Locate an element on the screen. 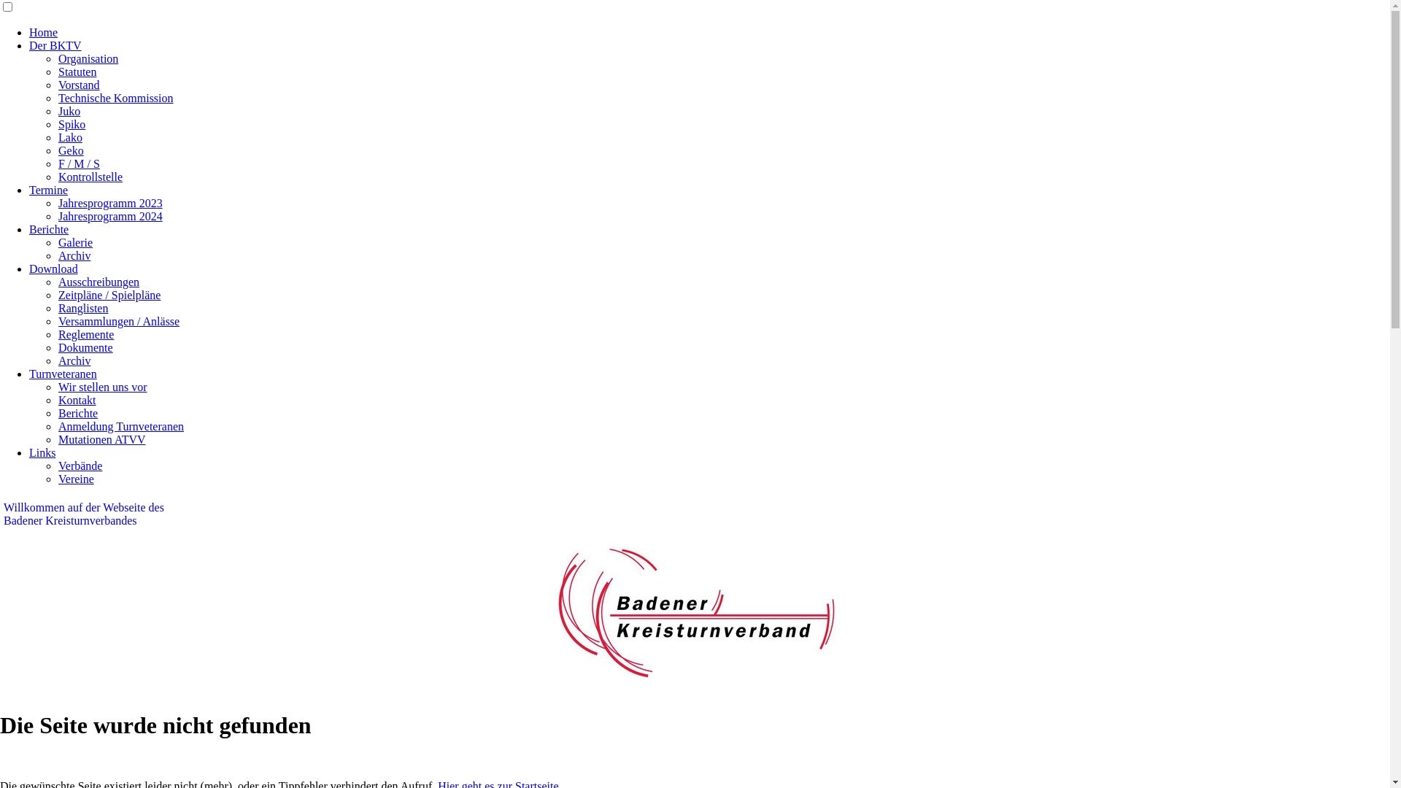 Image resolution: width=1401 pixels, height=788 pixels. 'Organisation' is located at coordinates (87, 58).